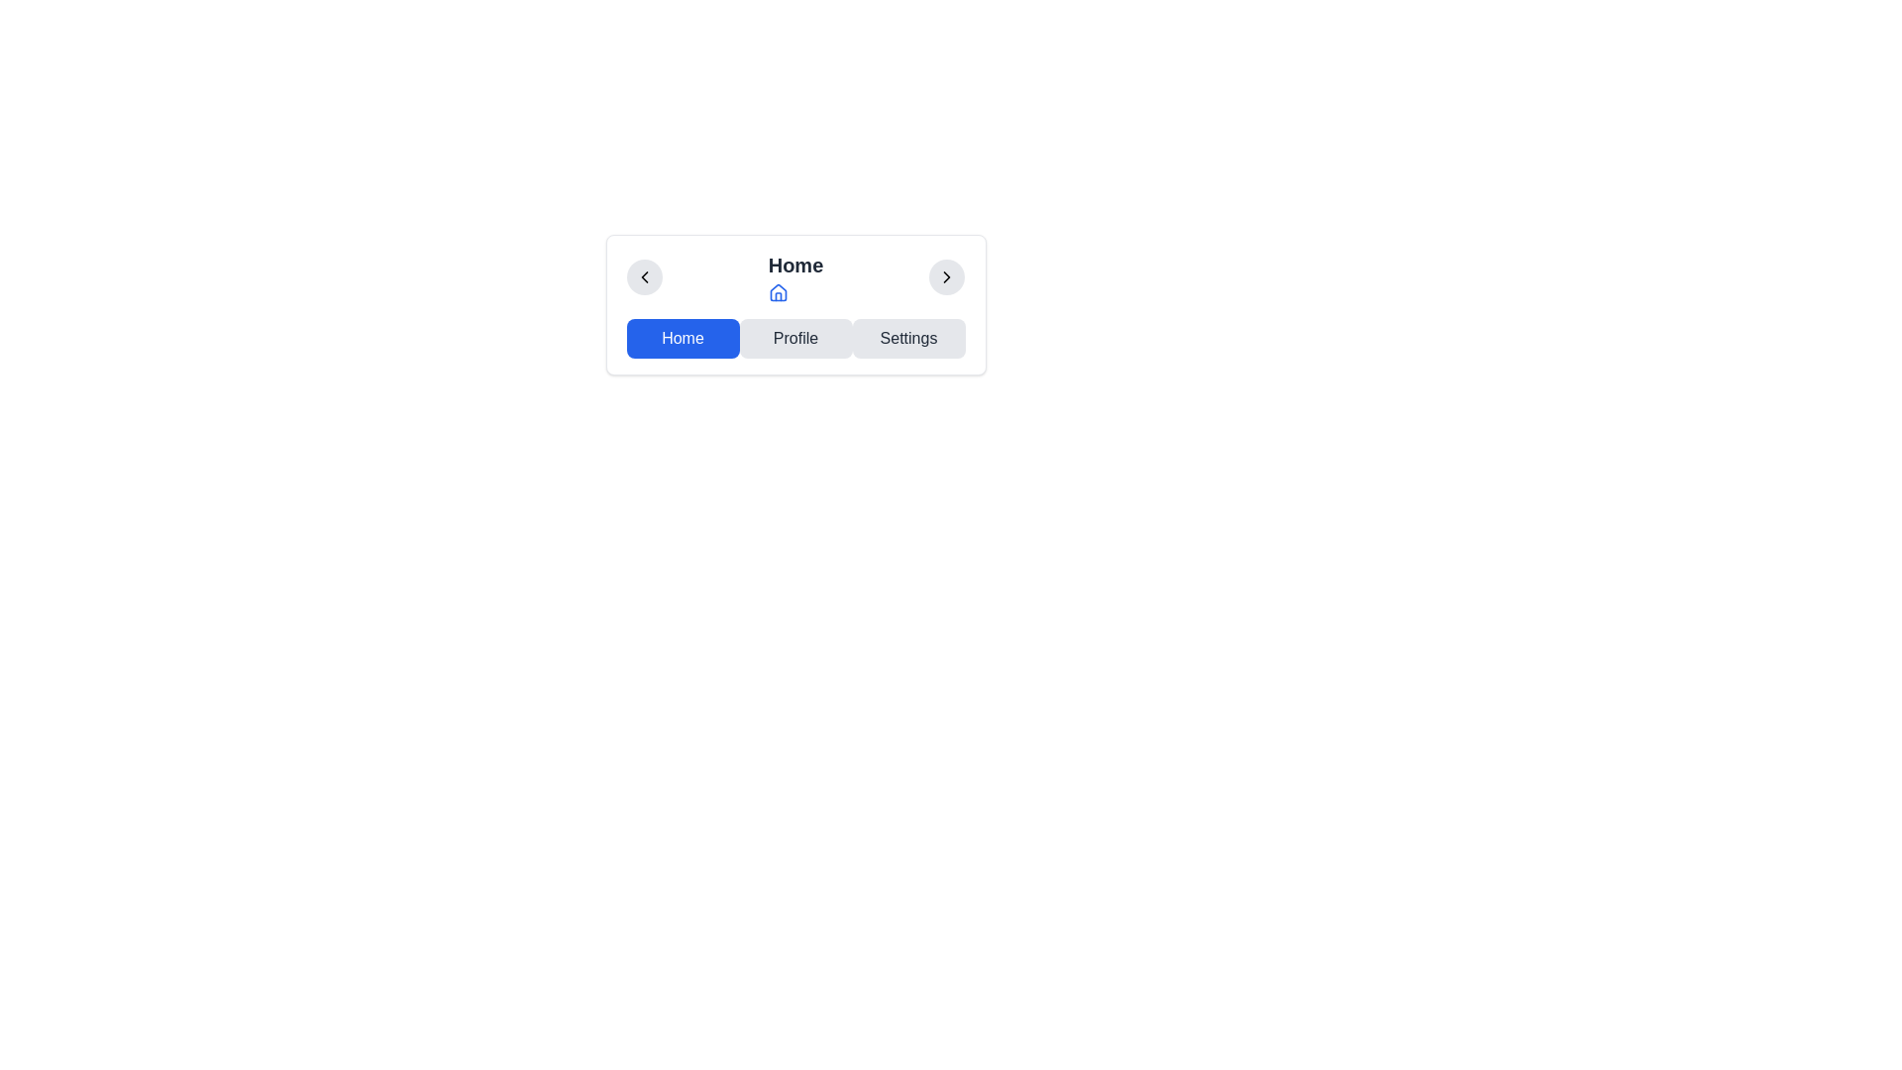  I want to click on the left-facing arrow icon located in the circular area on the far left side of the navigation header, so click(644, 277).